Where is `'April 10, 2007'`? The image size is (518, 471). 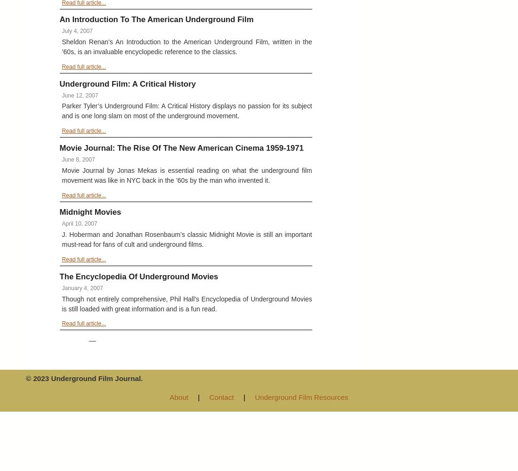 'April 10, 2007' is located at coordinates (79, 223).